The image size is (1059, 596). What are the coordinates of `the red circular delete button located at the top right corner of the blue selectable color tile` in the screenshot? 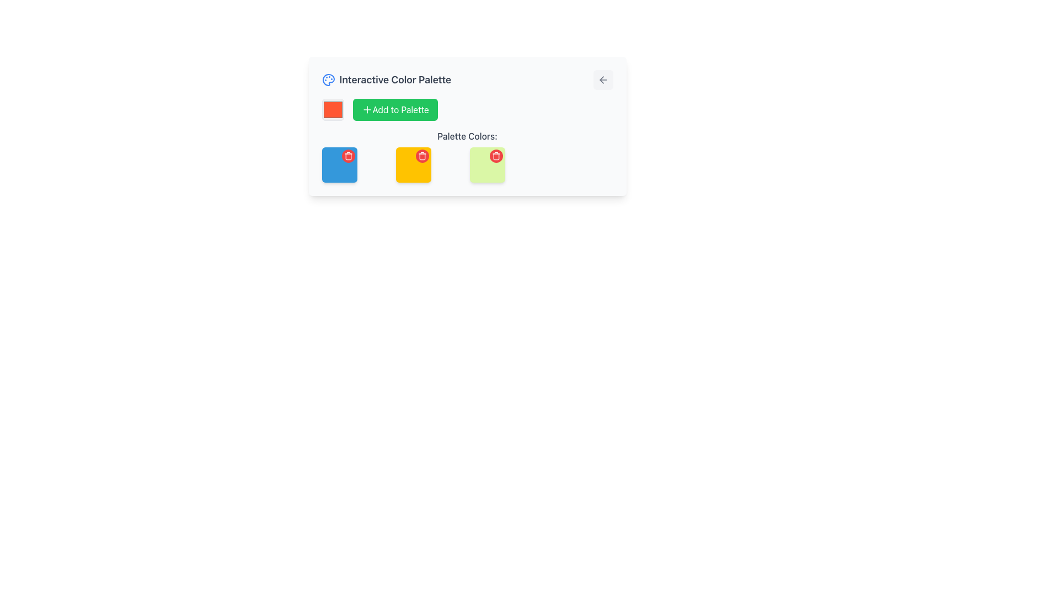 It's located at (339, 165).